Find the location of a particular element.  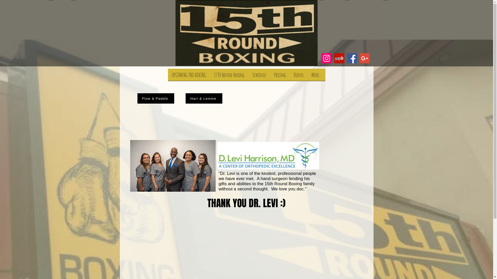

'Videos' is located at coordinates (298, 76).